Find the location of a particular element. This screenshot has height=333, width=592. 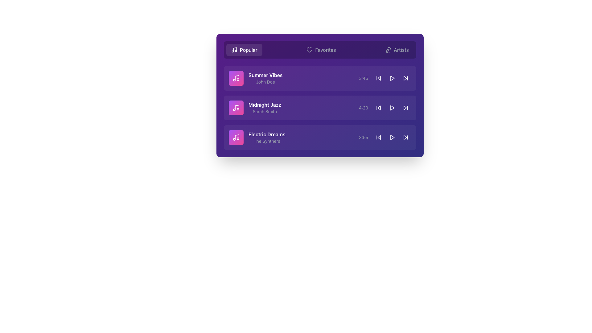

the 'Favorites' button in the navigation bar, which features a heart icon and is flanked by 'Popular' and 'Artists' buttons is located at coordinates (321, 50).